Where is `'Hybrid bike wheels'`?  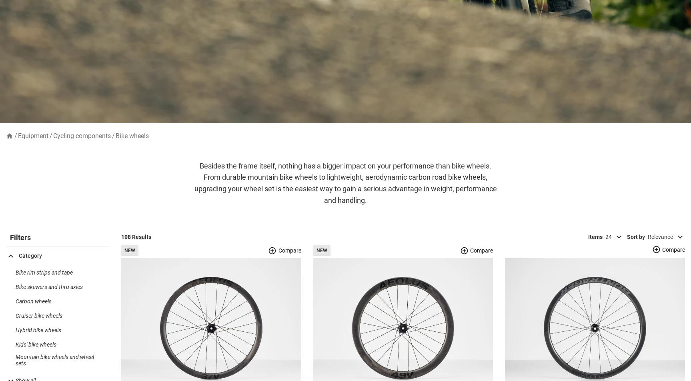 'Hybrid bike wheels' is located at coordinates (16, 343).